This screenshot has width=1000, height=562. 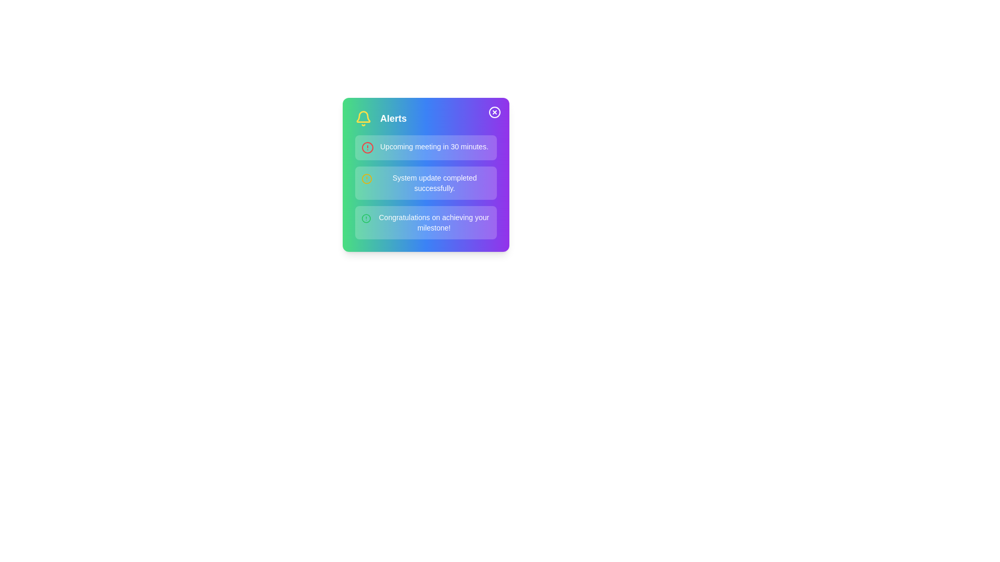 I want to click on the yellow bell-shaped icon located at the upper-left corner of the notification card, above the text 'Alerts', so click(x=363, y=117).